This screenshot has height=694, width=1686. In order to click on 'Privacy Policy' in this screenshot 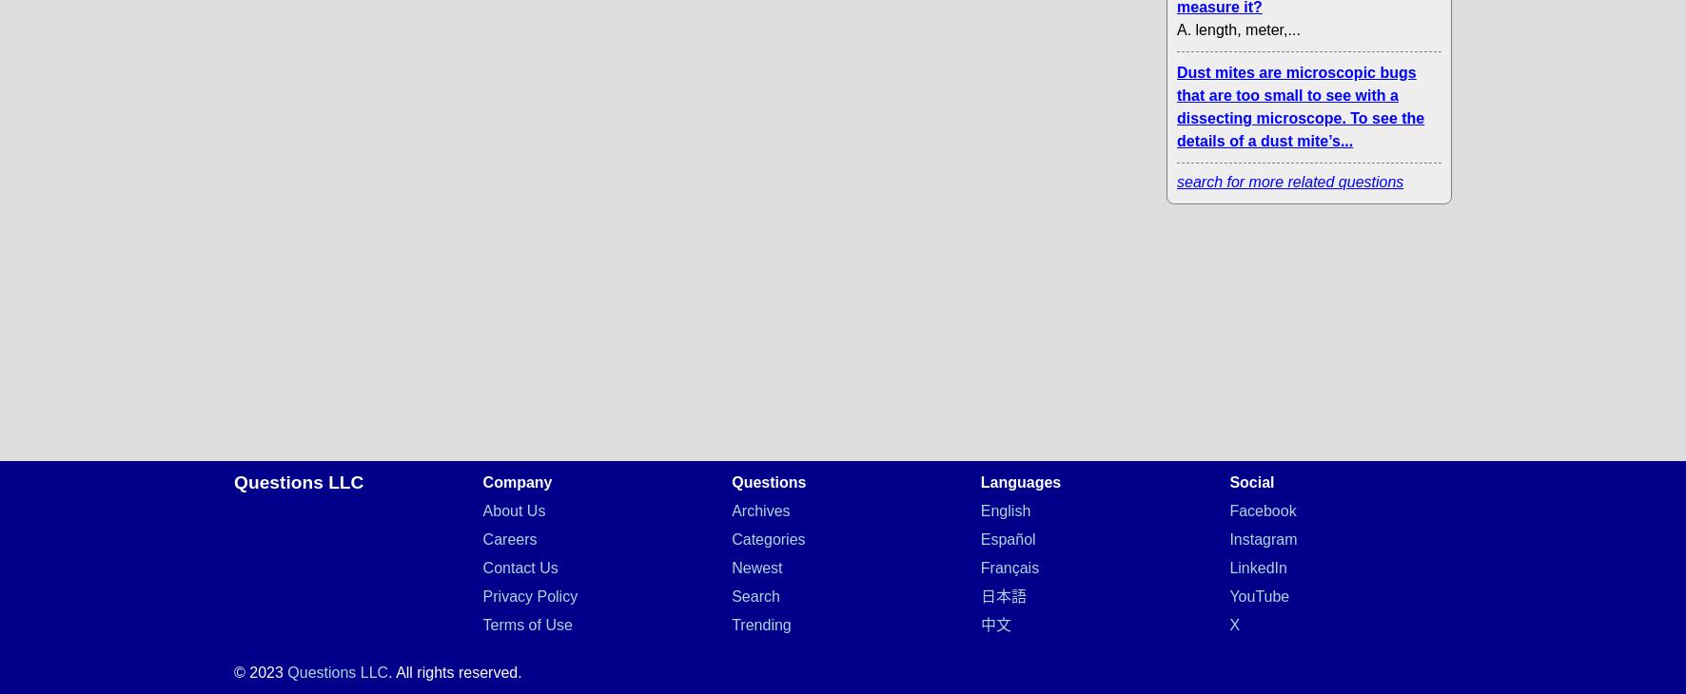, I will do `click(529, 596)`.